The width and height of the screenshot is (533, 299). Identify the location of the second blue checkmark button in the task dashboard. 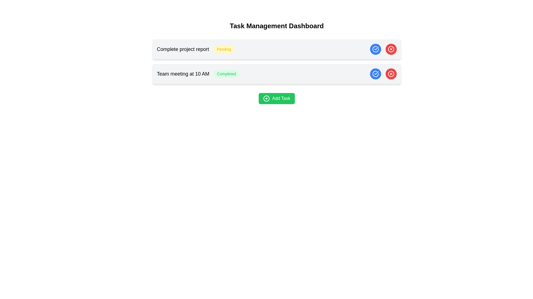
(376, 73).